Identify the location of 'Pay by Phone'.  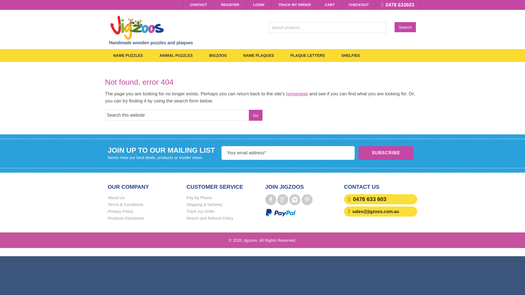
(186, 197).